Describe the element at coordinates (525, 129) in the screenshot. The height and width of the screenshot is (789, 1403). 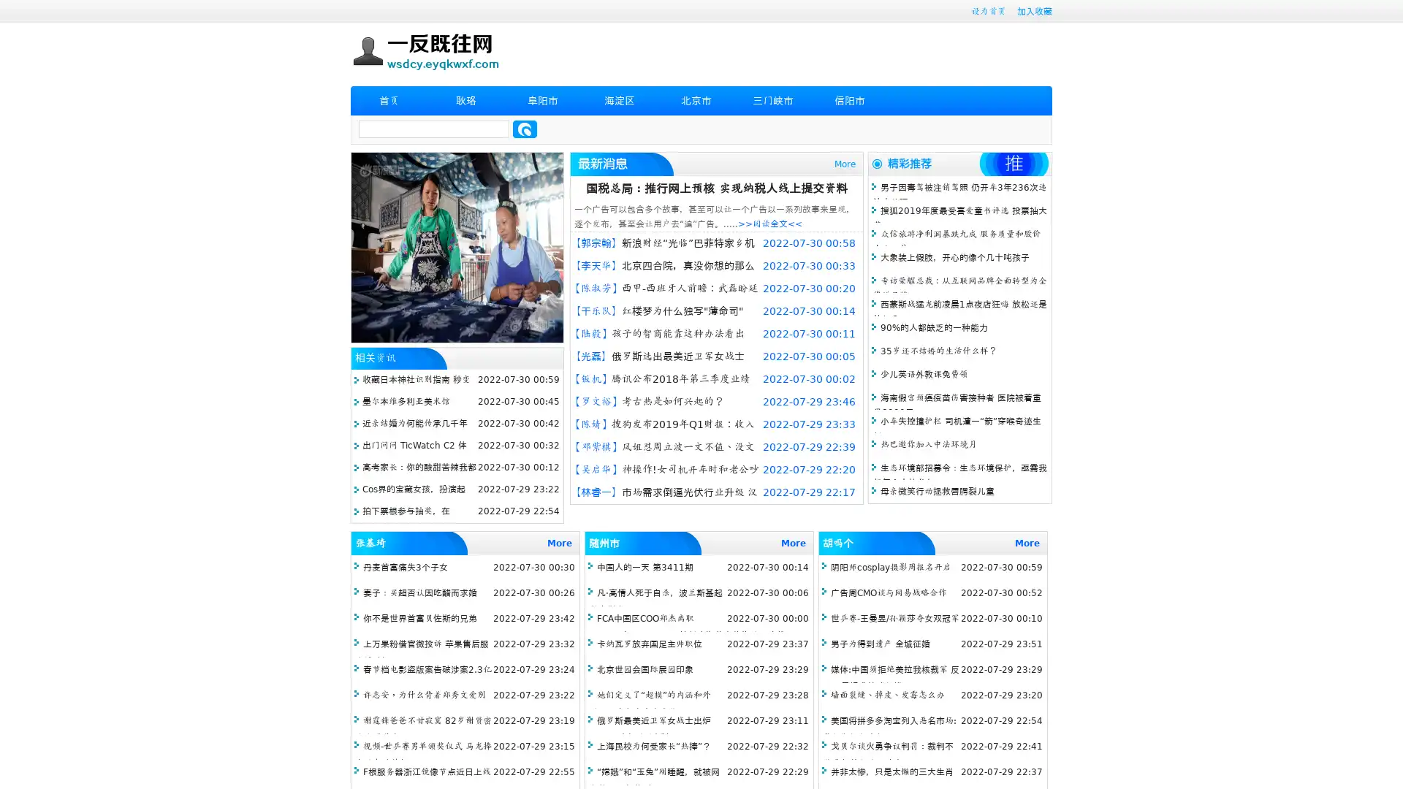
I see `Search` at that location.